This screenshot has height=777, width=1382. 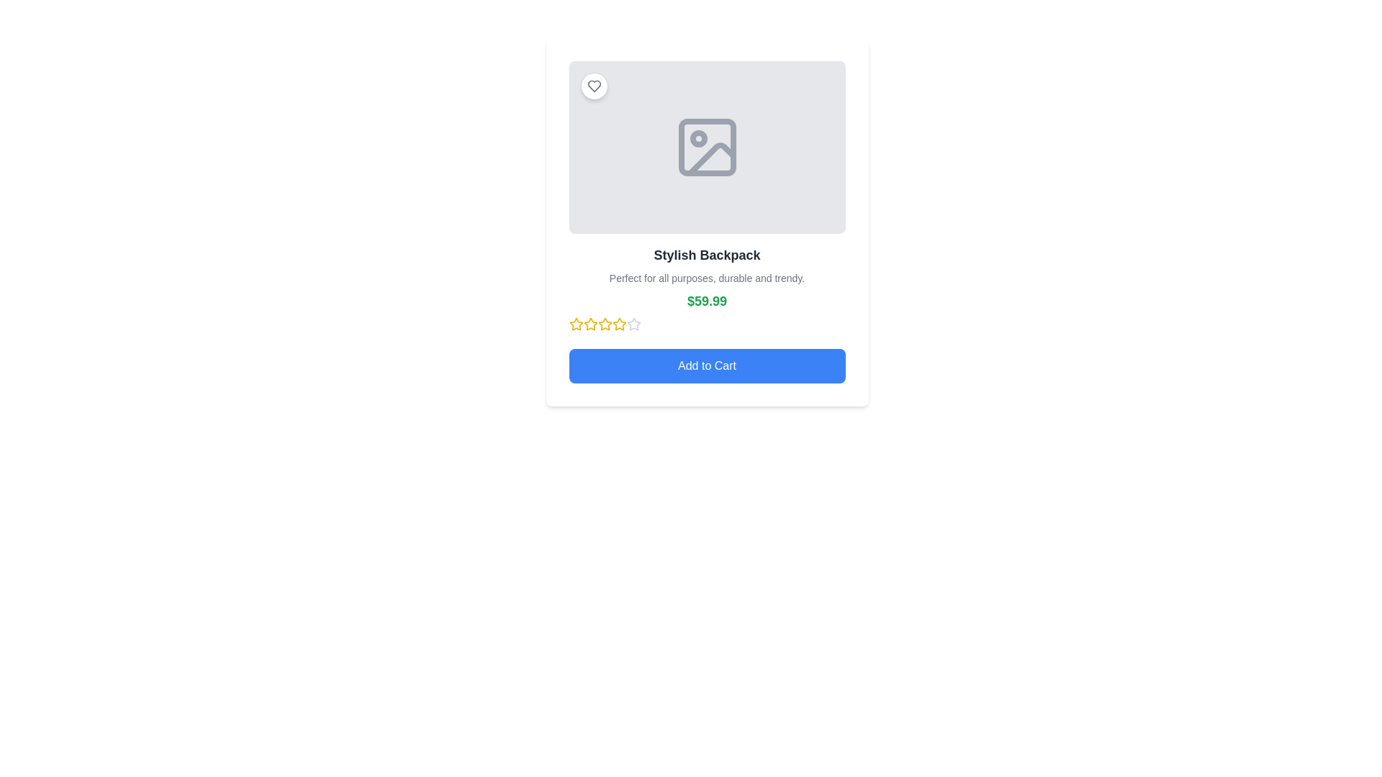 What do you see at coordinates (590, 324) in the screenshot?
I see `the second star icon in the rating system` at bounding box center [590, 324].